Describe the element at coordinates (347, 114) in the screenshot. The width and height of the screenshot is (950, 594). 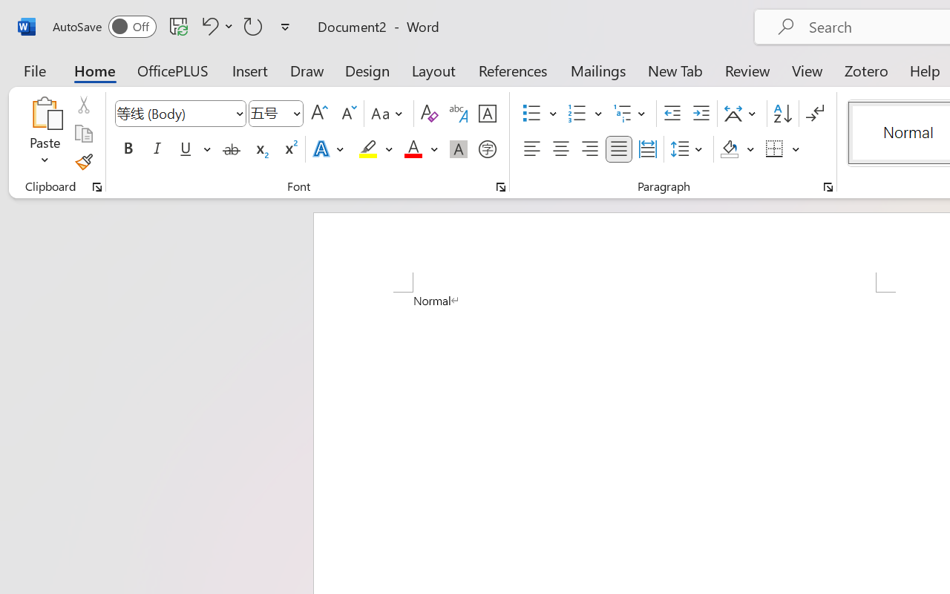
I see `'Shrink Font'` at that location.